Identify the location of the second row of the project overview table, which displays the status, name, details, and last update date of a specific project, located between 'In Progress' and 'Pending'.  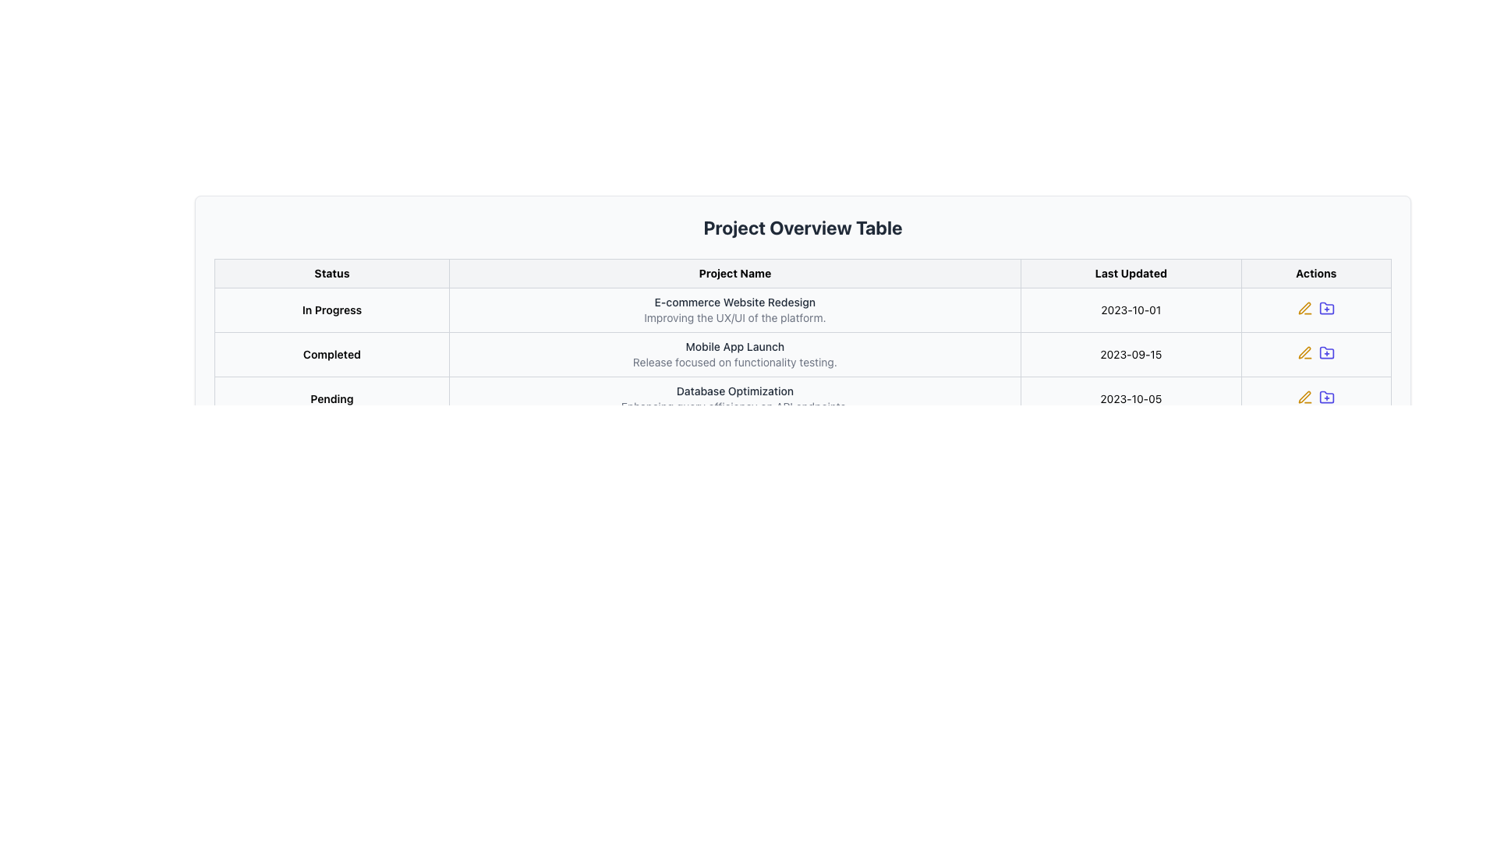
(803, 355).